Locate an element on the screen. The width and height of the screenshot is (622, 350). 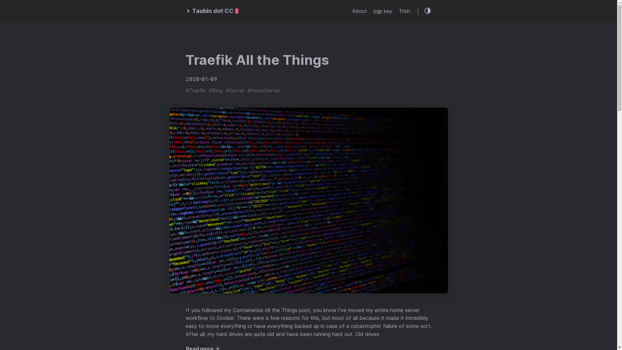
'About' is located at coordinates (359, 11).